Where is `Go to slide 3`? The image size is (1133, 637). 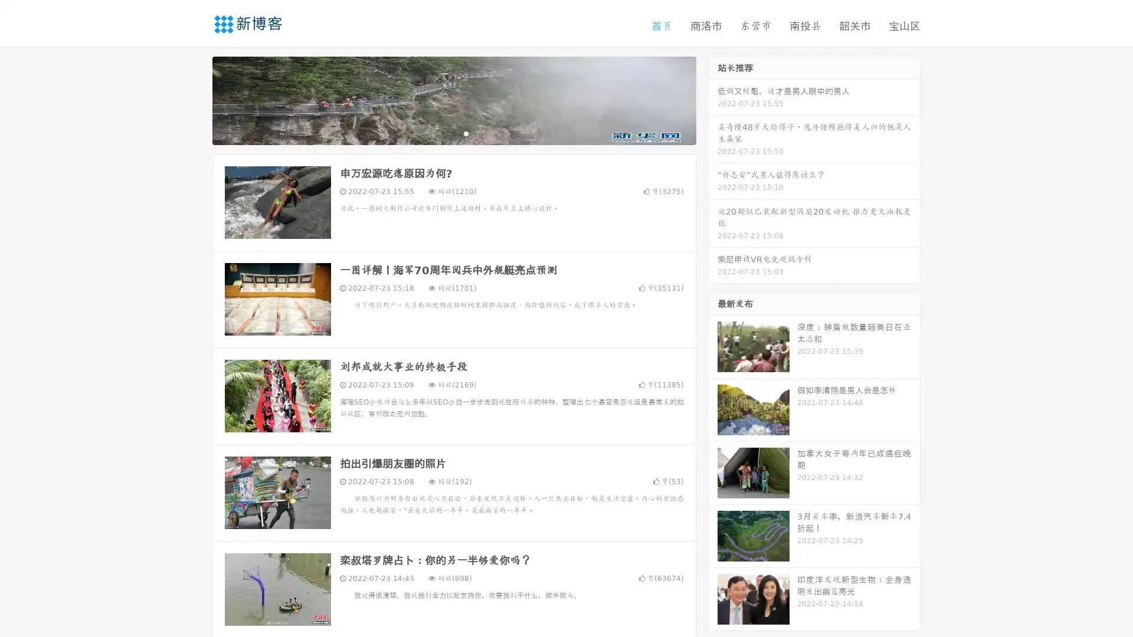 Go to slide 3 is located at coordinates (466, 133).